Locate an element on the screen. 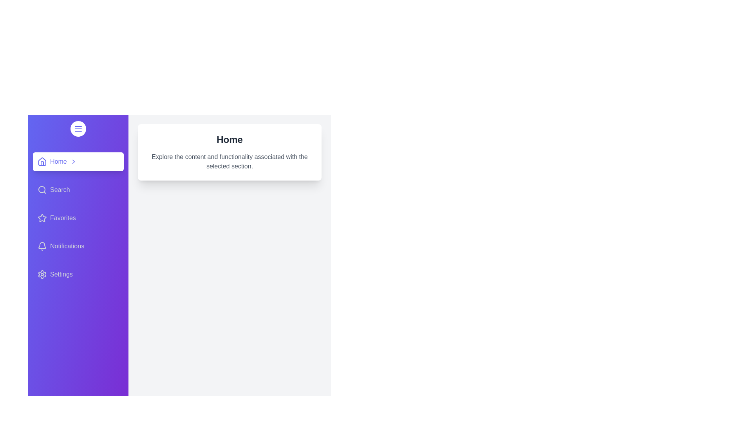  the menu button to toggle the drawer state is located at coordinates (78, 128).